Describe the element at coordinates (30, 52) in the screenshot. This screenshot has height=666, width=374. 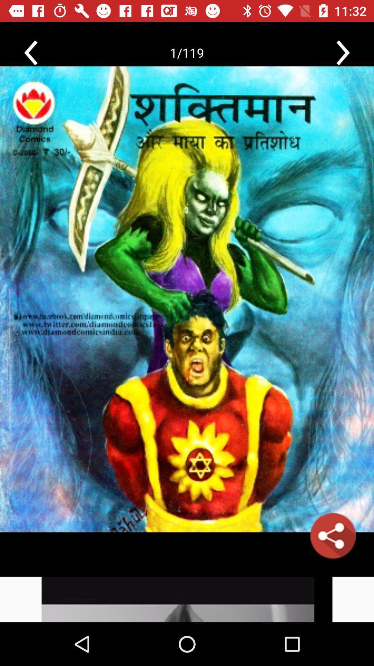
I see `the arrow_backward icon` at that location.